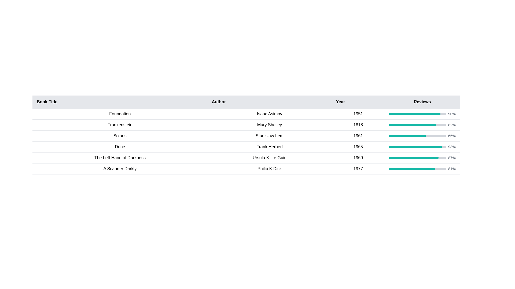  I want to click on the text label that displays the publication year of the book 'Solaris', which is the third item in the row under the 'Year' column, so click(358, 136).